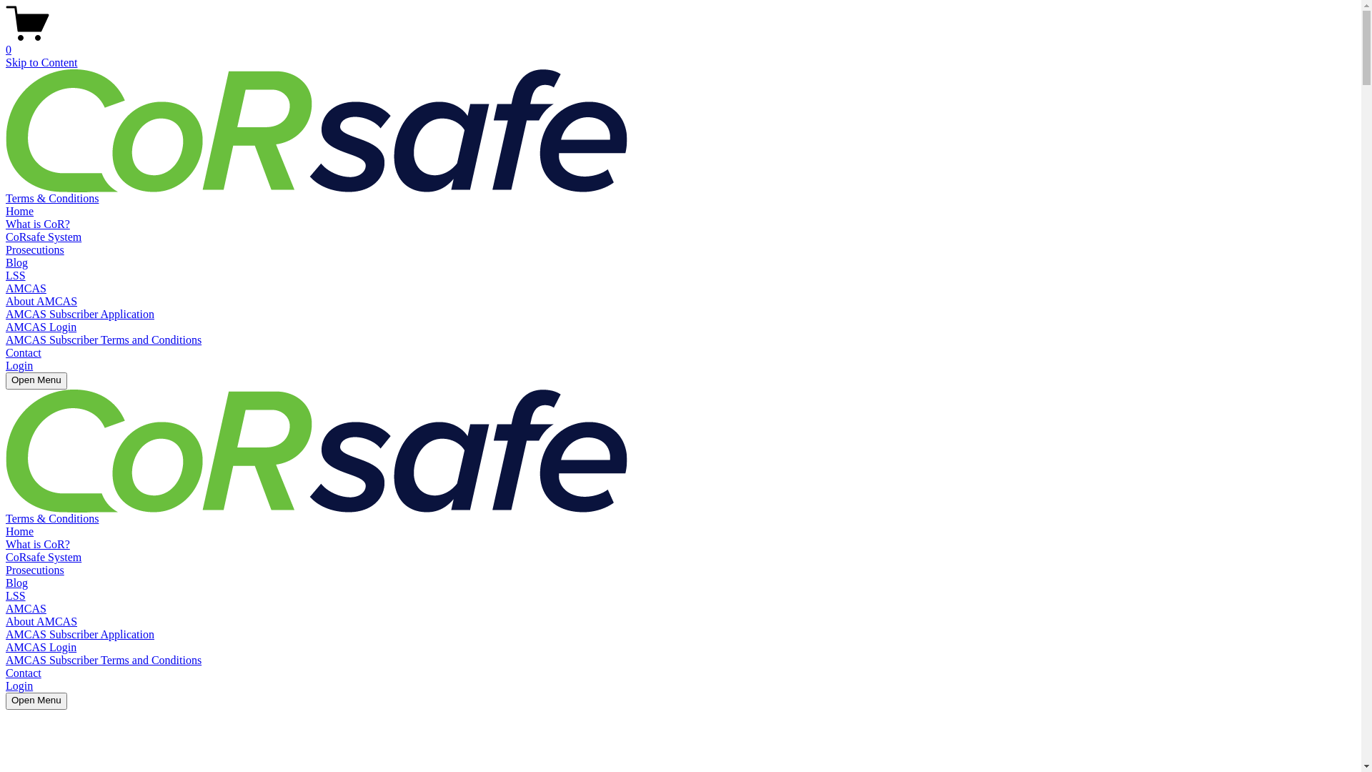  I want to click on 'AMCAS Login', so click(41, 647).